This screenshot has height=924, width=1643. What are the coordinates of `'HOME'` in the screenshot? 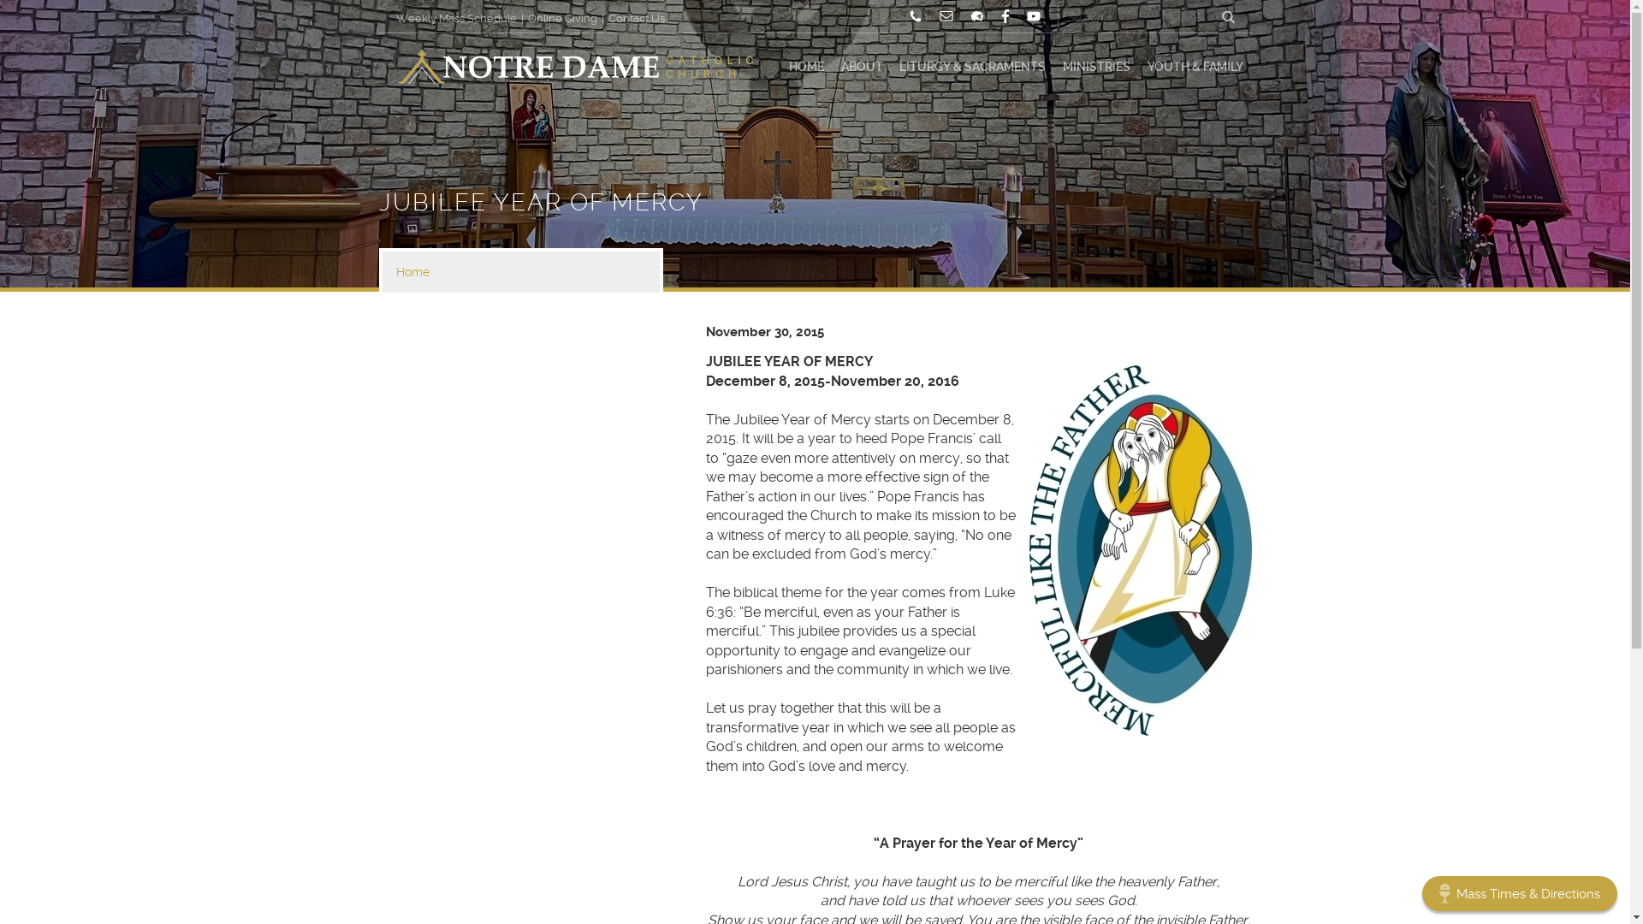 It's located at (805, 66).